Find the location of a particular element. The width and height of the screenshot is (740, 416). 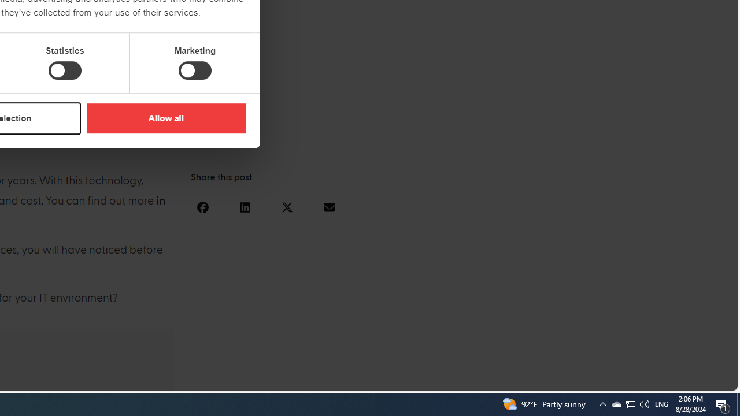

'Allow all' is located at coordinates (165, 118).